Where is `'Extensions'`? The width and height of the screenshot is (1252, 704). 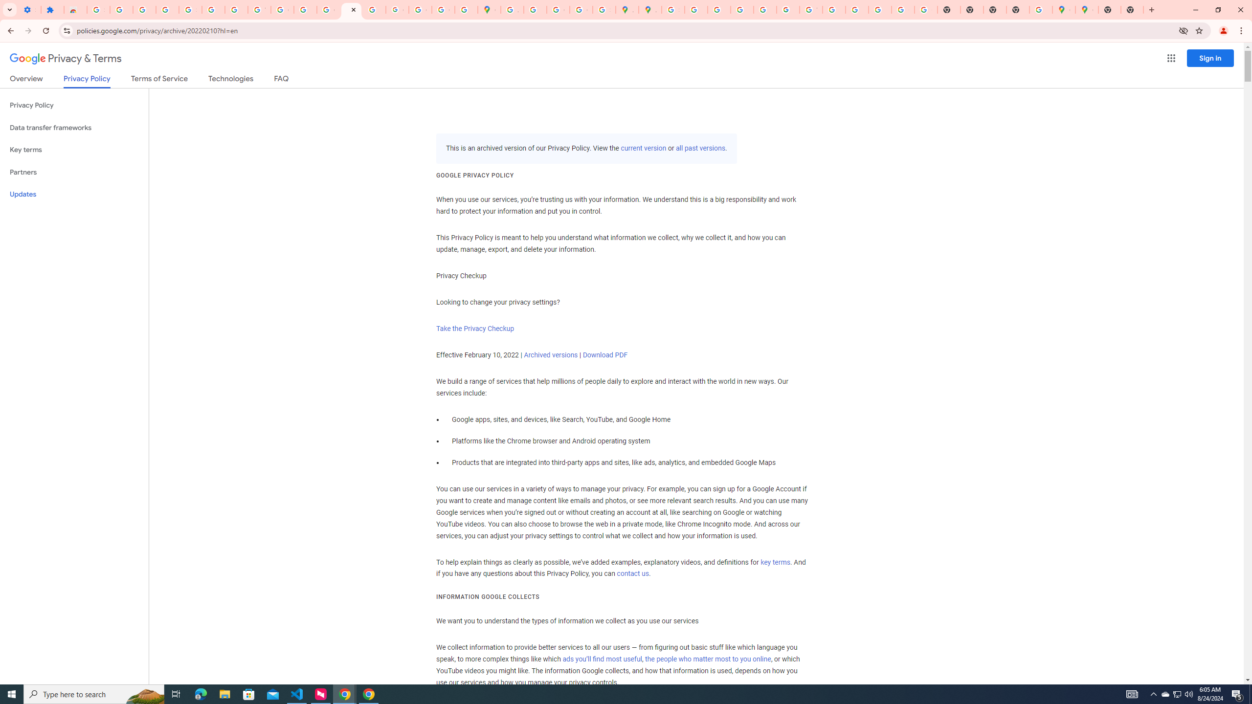 'Extensions' is located at coordinates (52, 9).